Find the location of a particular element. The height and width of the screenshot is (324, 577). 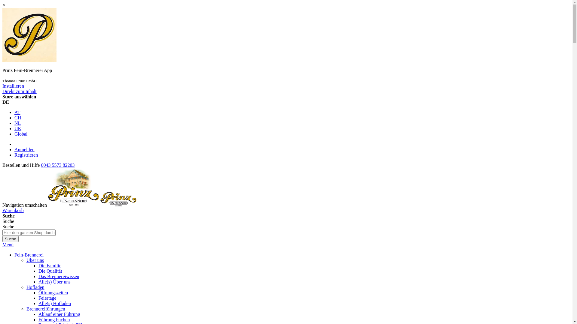

'UK' is located at coordinates (18, 128).